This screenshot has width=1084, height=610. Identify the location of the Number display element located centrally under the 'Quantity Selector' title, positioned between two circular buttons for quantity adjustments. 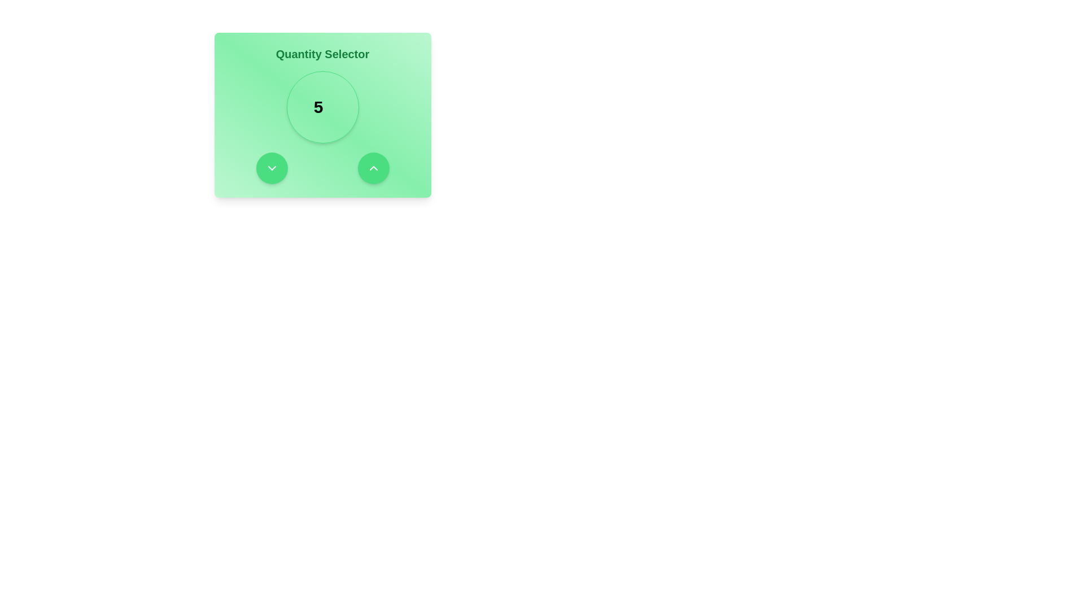
(322, 107).